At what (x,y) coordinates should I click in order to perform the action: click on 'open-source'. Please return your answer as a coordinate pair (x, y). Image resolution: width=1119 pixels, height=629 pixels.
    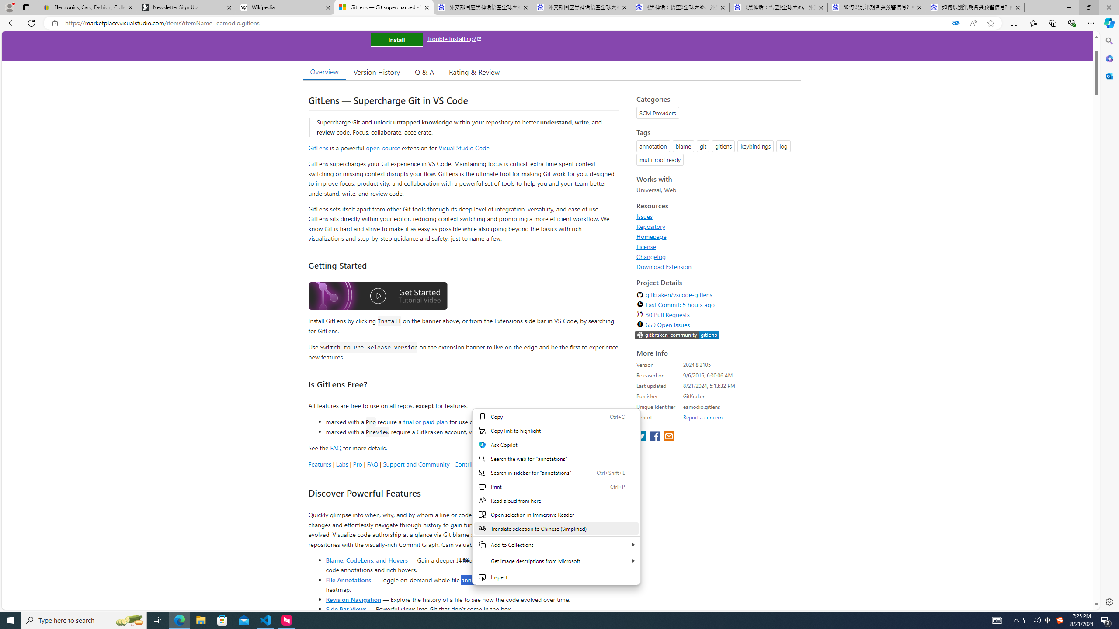
    Looking at the image, I should click on (383, 147).